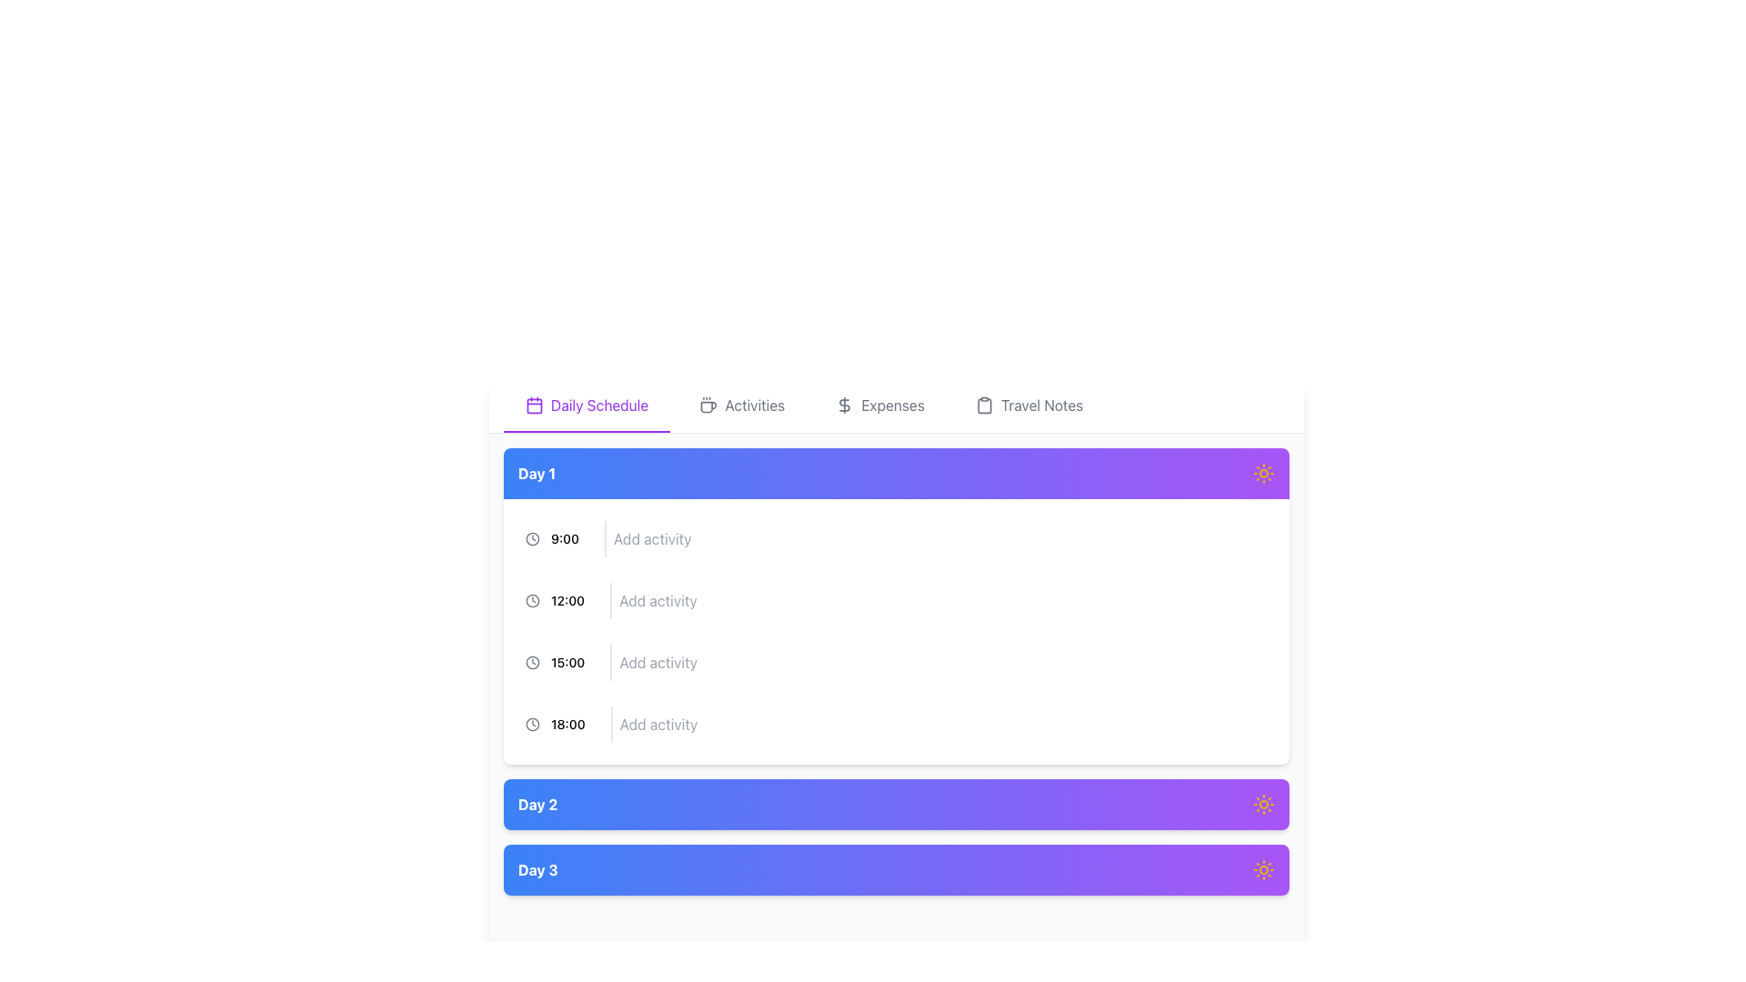 This screenshot has height=982, width=1746. Describe the element at coordinates (896, 868) in the screenshot. I see `to select or activate the 'Day 3' button in the Daily Schedule interface` at that location.